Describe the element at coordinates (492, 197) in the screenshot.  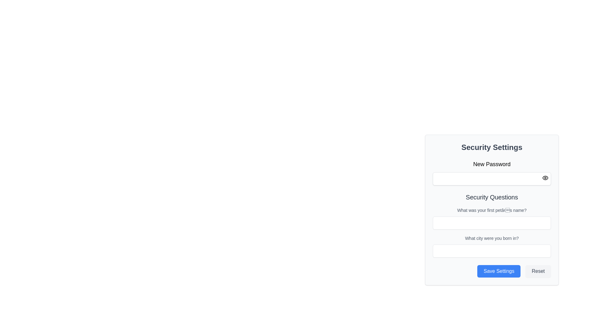
I see `the Text label that serves as a heading for the security questions section, positioned between the 'New Password' input field and the question 'What was your first pet's name?'` at that location.